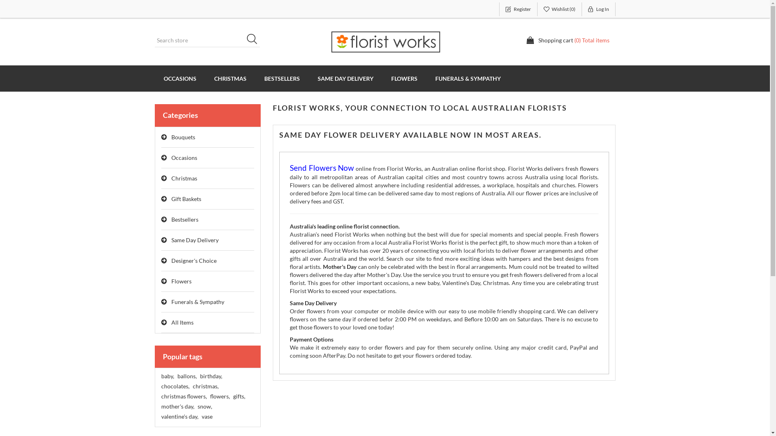 The image size is (776, 436). What do you see at coordinates (176, 376) in the screenshot?
I see `'ballons,'` at bounding box center [176, 376].